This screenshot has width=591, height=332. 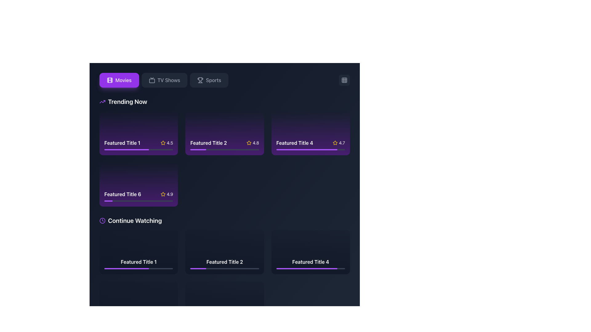 What do you see at coordinates (213, 80) in the screenshot?
I see `the Text Label that signifies a selectable option related to sports content, located in the horizontal navigation bar to the right of the 'TV Shows' button and following a trophy icon` at bounding box center [213, 80].